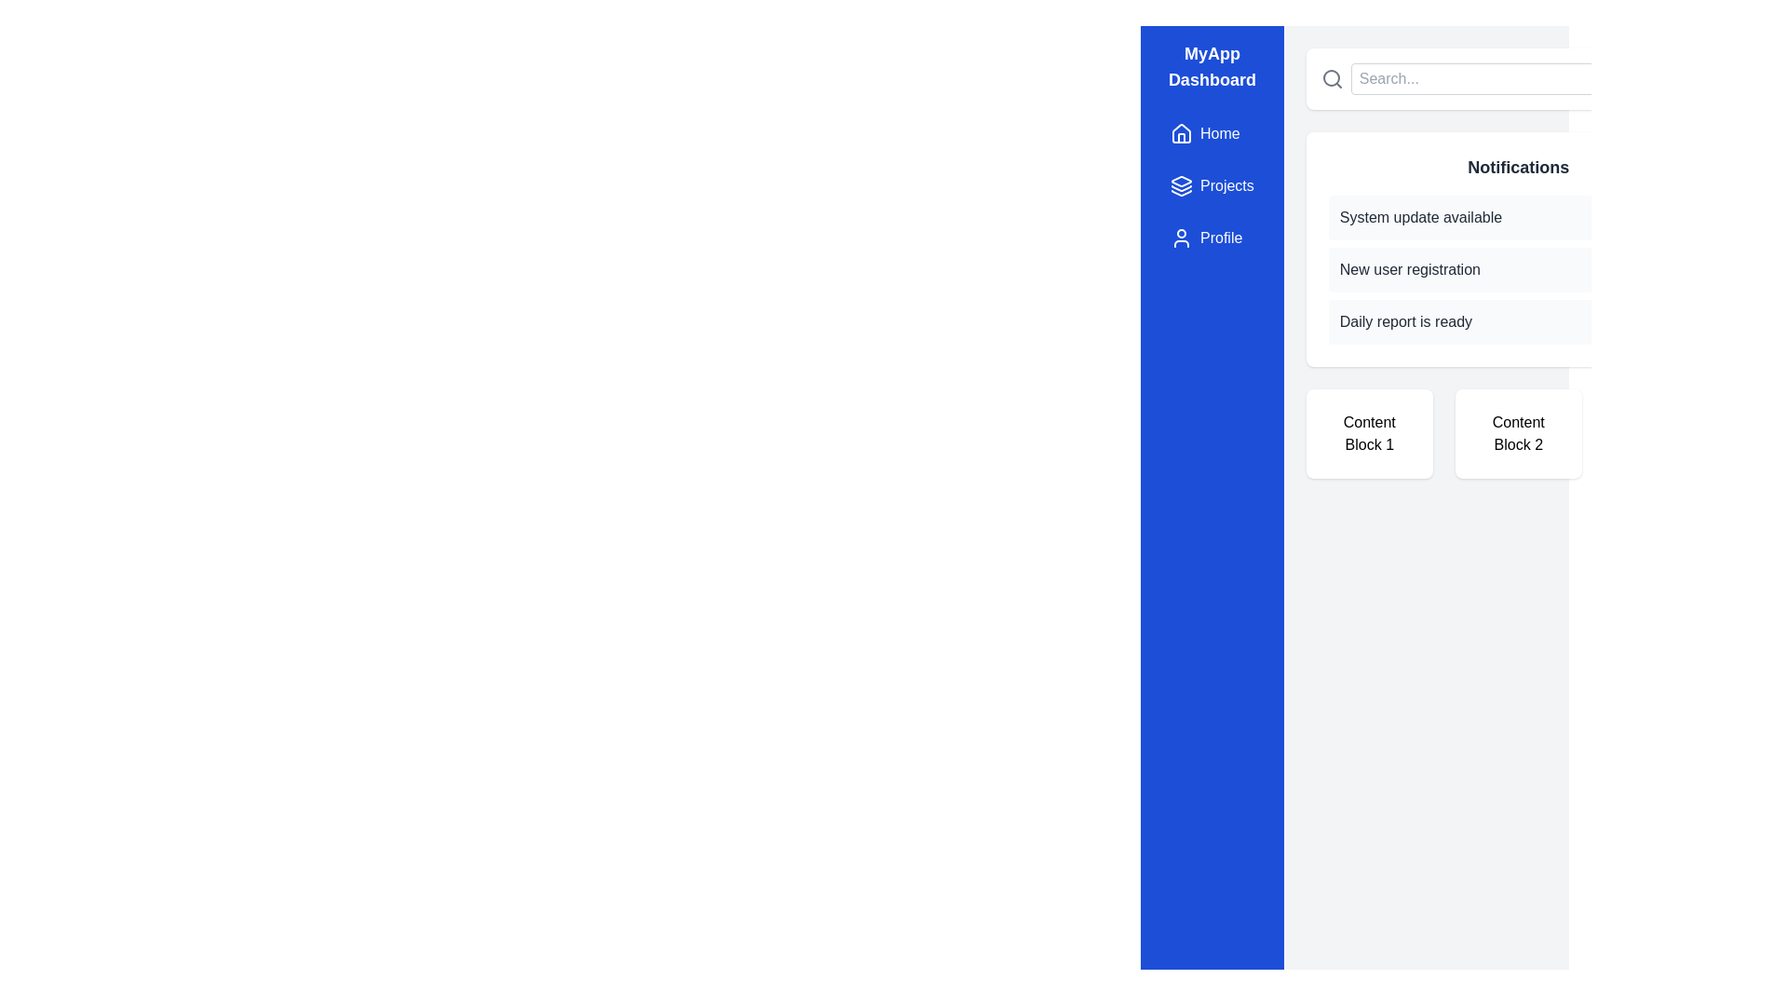  I want to click on the count value of the Indicator Badge located in the top-right corner of the notification icon, so click(1664, 75).